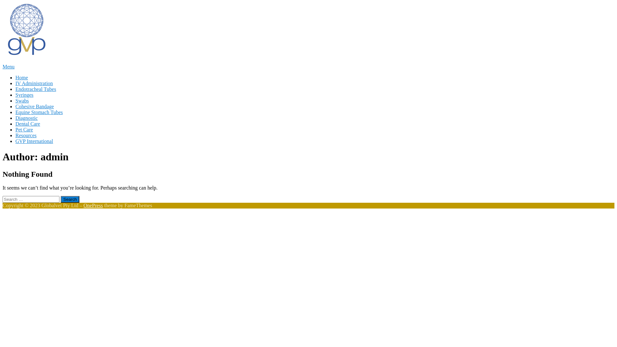 The height and width of the screenshot is (347, 617). I want to click on 'Cohesive Bandage', so click(34, 106).